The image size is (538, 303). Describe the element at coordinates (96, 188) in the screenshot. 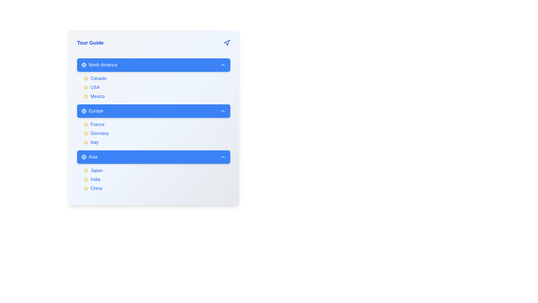

I see `the hyperlink displaying the text 'China' in blue font at the bottom of the 'Asia' subsection` at that location.